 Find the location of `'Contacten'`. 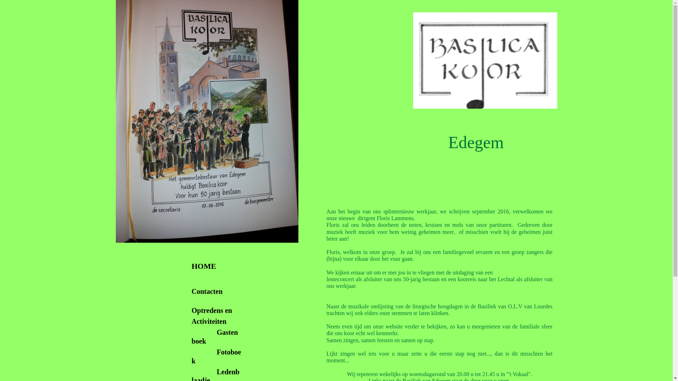

'Contacten' is located at coordinates (206, 292).